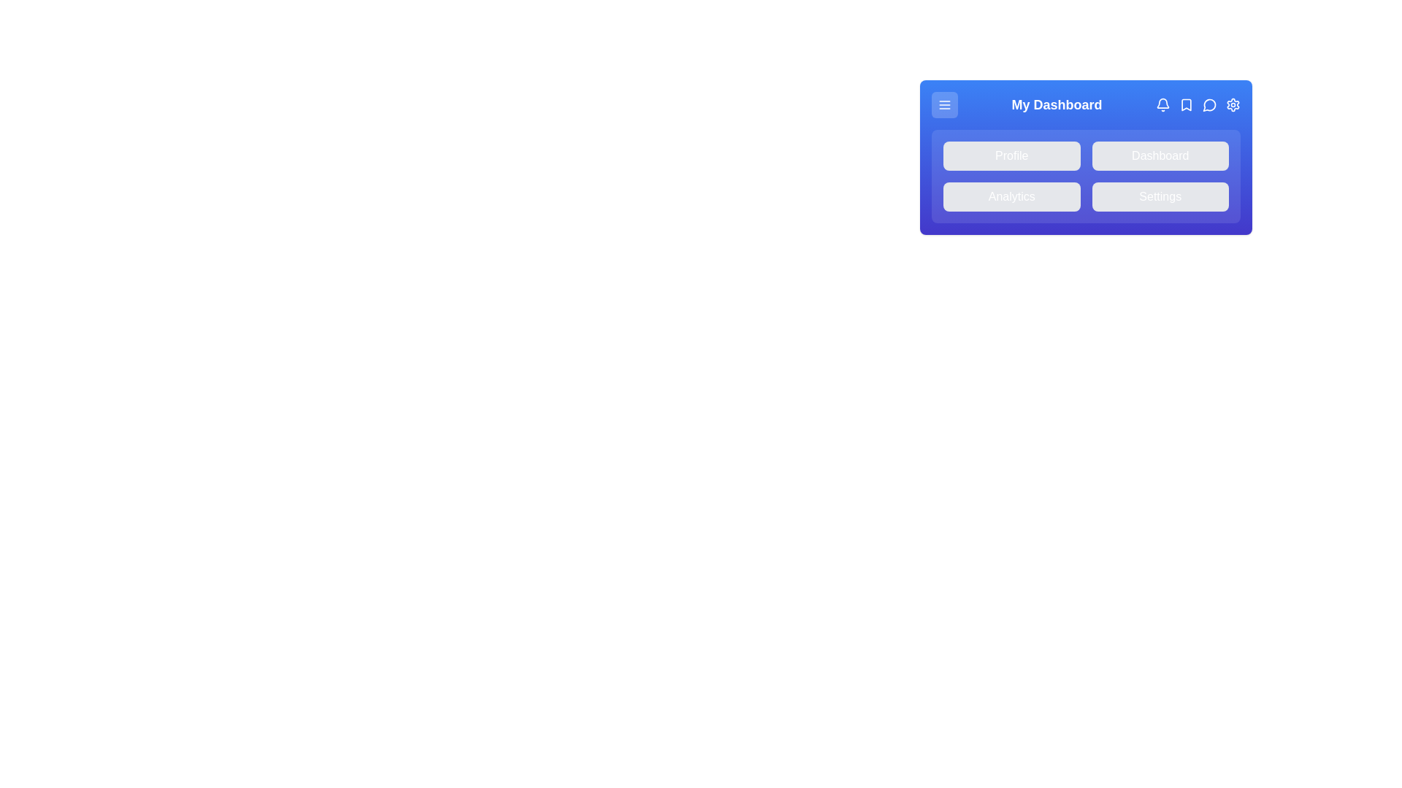  I want to click on the 'Settings' button in the menu, so click(1233, 104).